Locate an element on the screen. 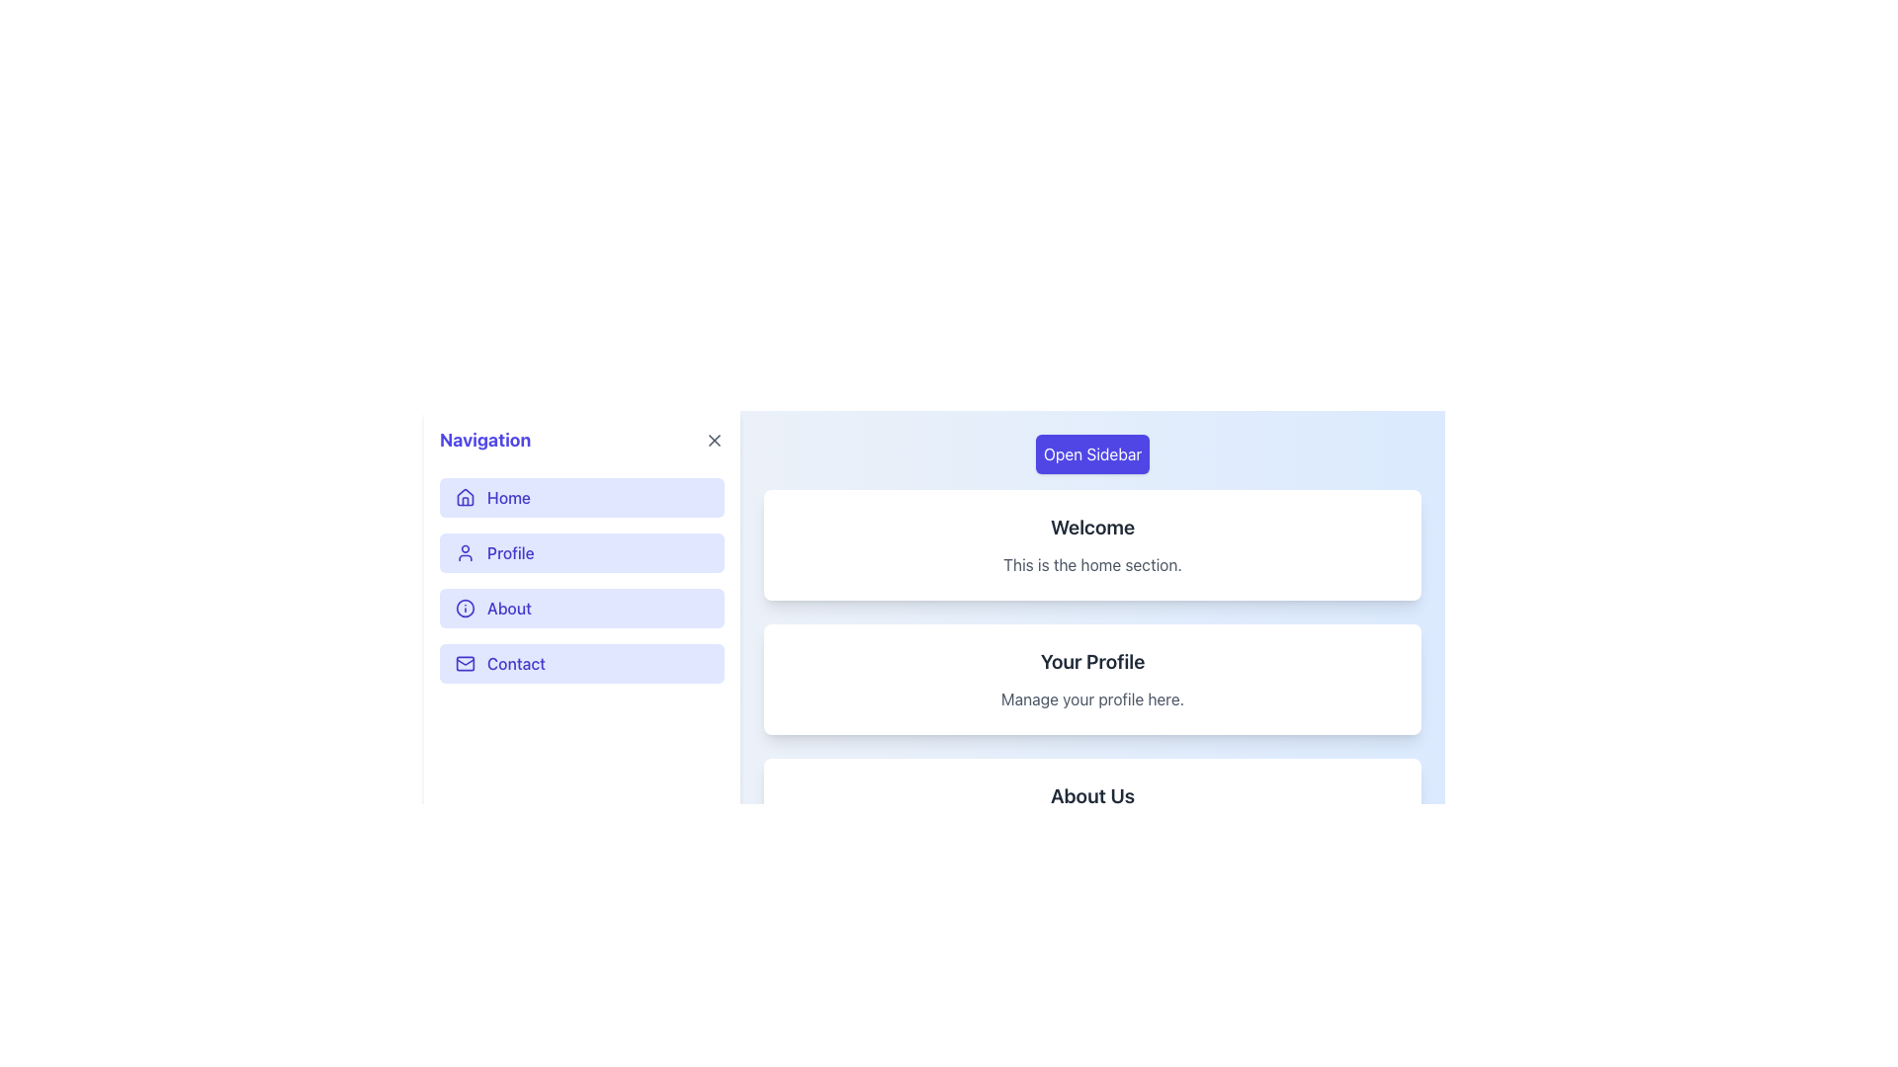 The height and width of the screenshot is (1067, 1898). the 'About' text label in the left navigation menu, which is the third option from the top, located below the 'Profile' button and above the 'Contact' button is located at coordinates (509, 608).